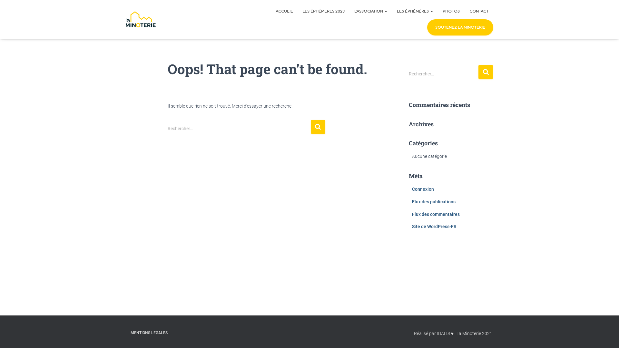 The height and width of the screenshot is (348, 619). I want to click on 'Rechercher', so click(486, 72).